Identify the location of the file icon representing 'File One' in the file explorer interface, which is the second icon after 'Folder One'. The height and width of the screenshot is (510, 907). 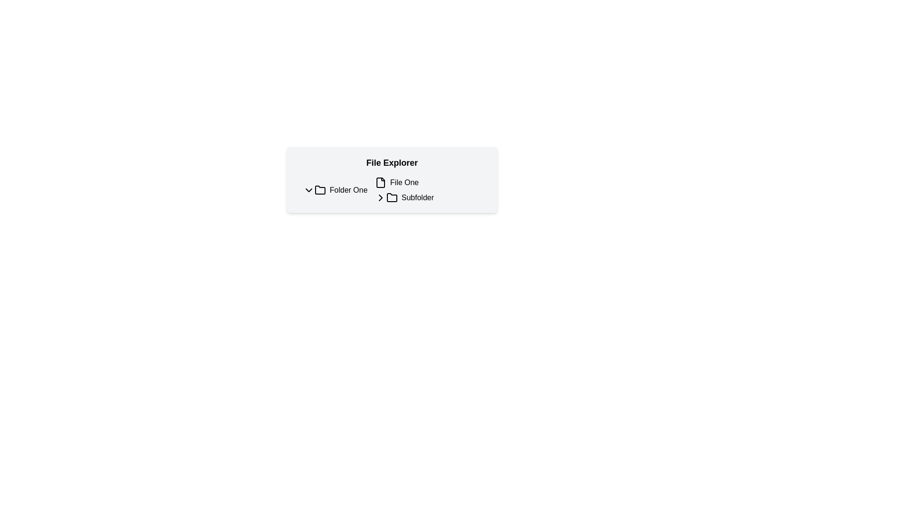
(381, 182).